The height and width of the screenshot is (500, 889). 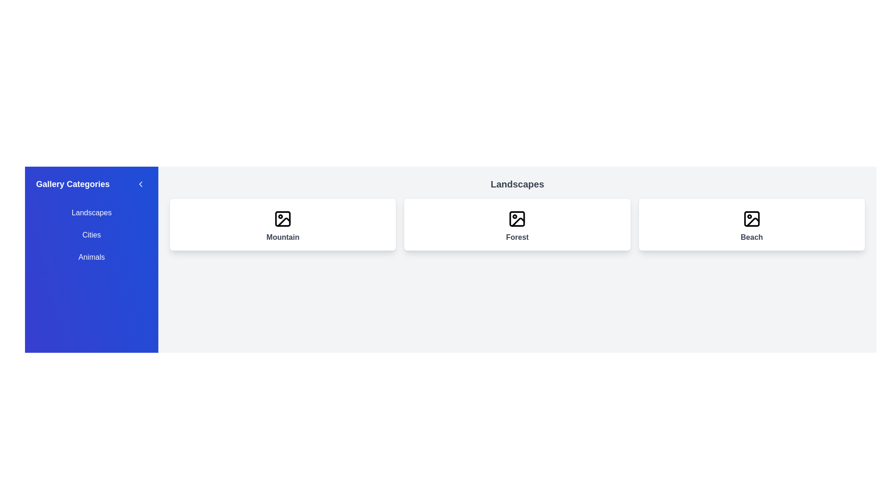 What do you see at coordinates (751, 225) in the screenshot?
I see `the 'Beach' category card, which is the third card` at bounding box center [751, 225].